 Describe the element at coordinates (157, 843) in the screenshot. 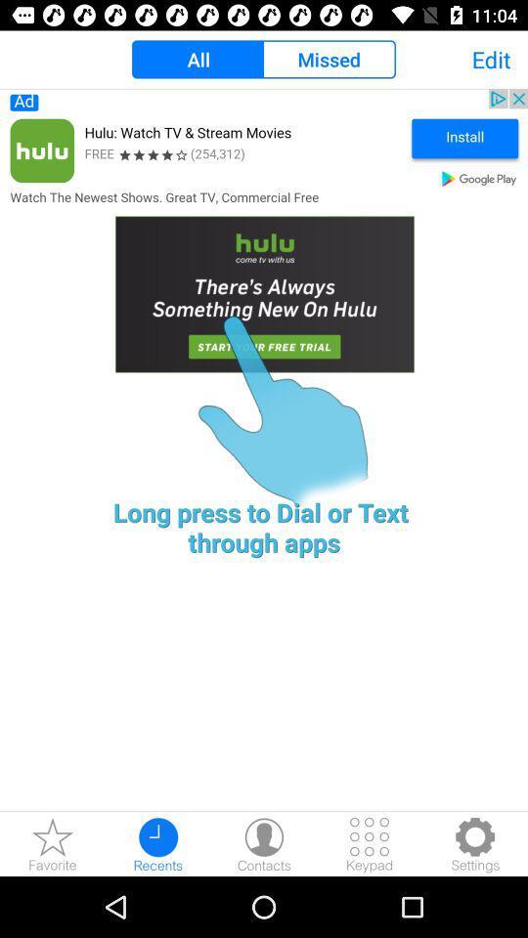

I see `see recent publications` at that location.